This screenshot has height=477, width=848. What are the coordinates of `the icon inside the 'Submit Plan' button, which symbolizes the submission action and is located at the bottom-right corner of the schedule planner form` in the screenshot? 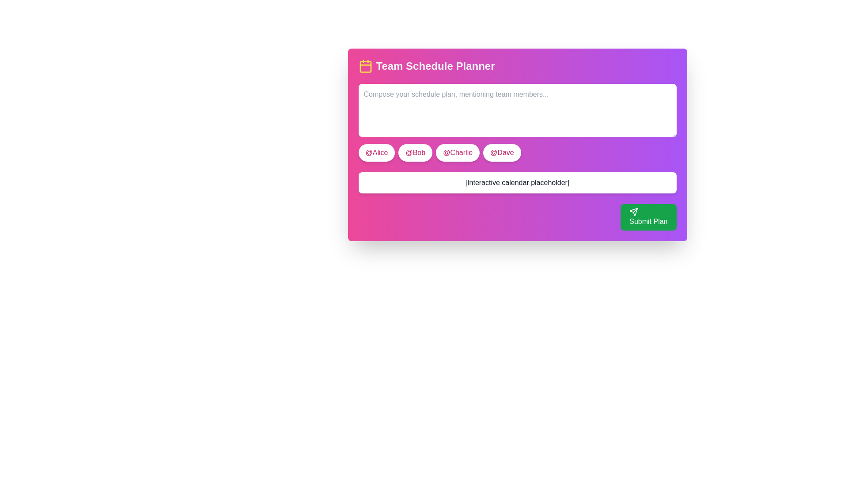 It's located at (633, 212).